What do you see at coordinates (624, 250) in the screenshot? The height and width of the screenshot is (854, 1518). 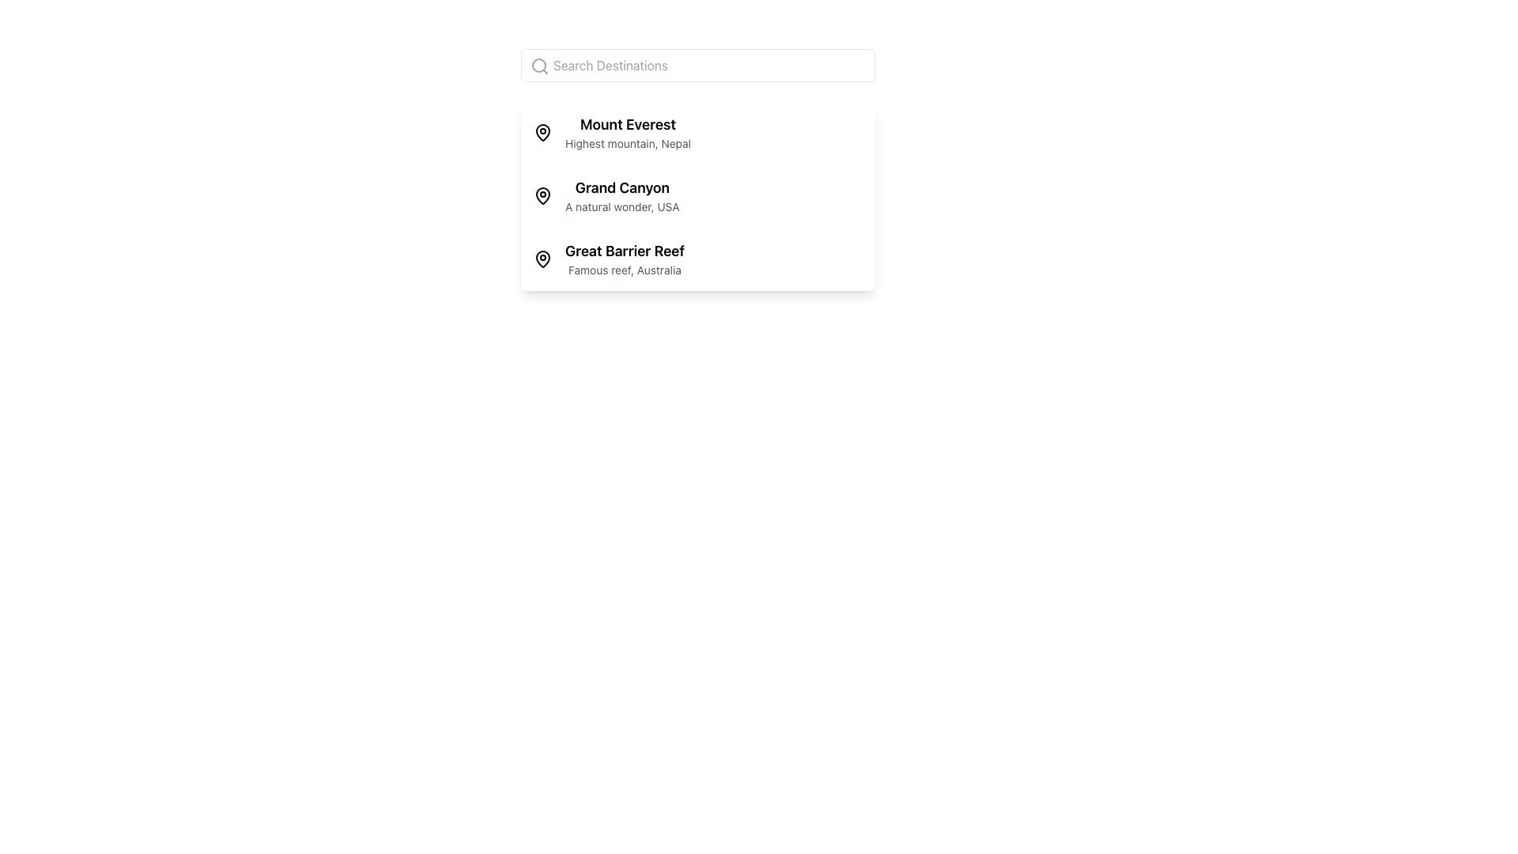 I see `the label 'Great Barrier Reef' which serves as the title for a travel destination in a vertical list, positioned above the description 'Famous reef, Australia'` at bounding box center [624, 250].